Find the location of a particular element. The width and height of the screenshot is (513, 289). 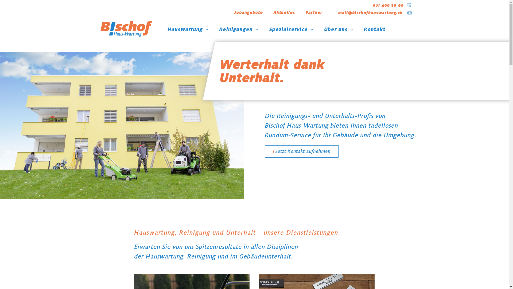

'Kontakt' is located at coordinates (374, 31).